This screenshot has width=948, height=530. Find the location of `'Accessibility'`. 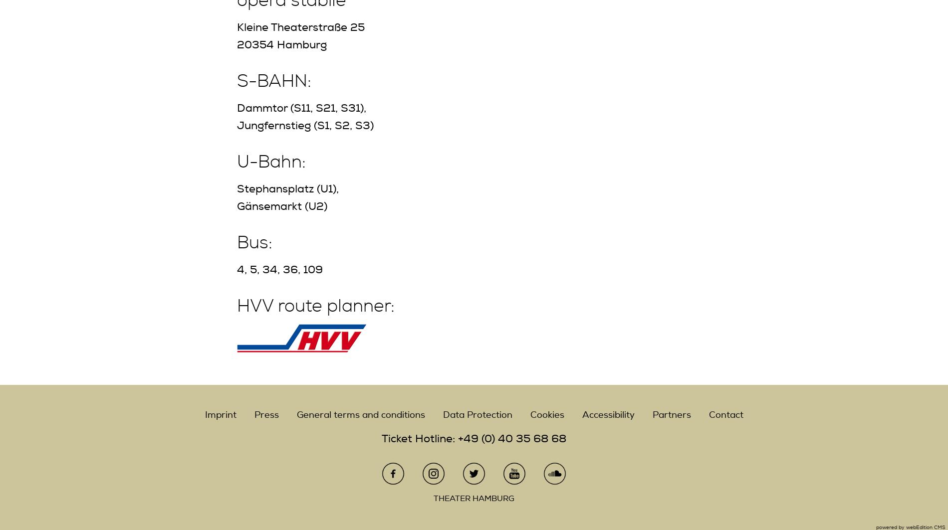

'Accessibility' is located at coordinates (607, 414).